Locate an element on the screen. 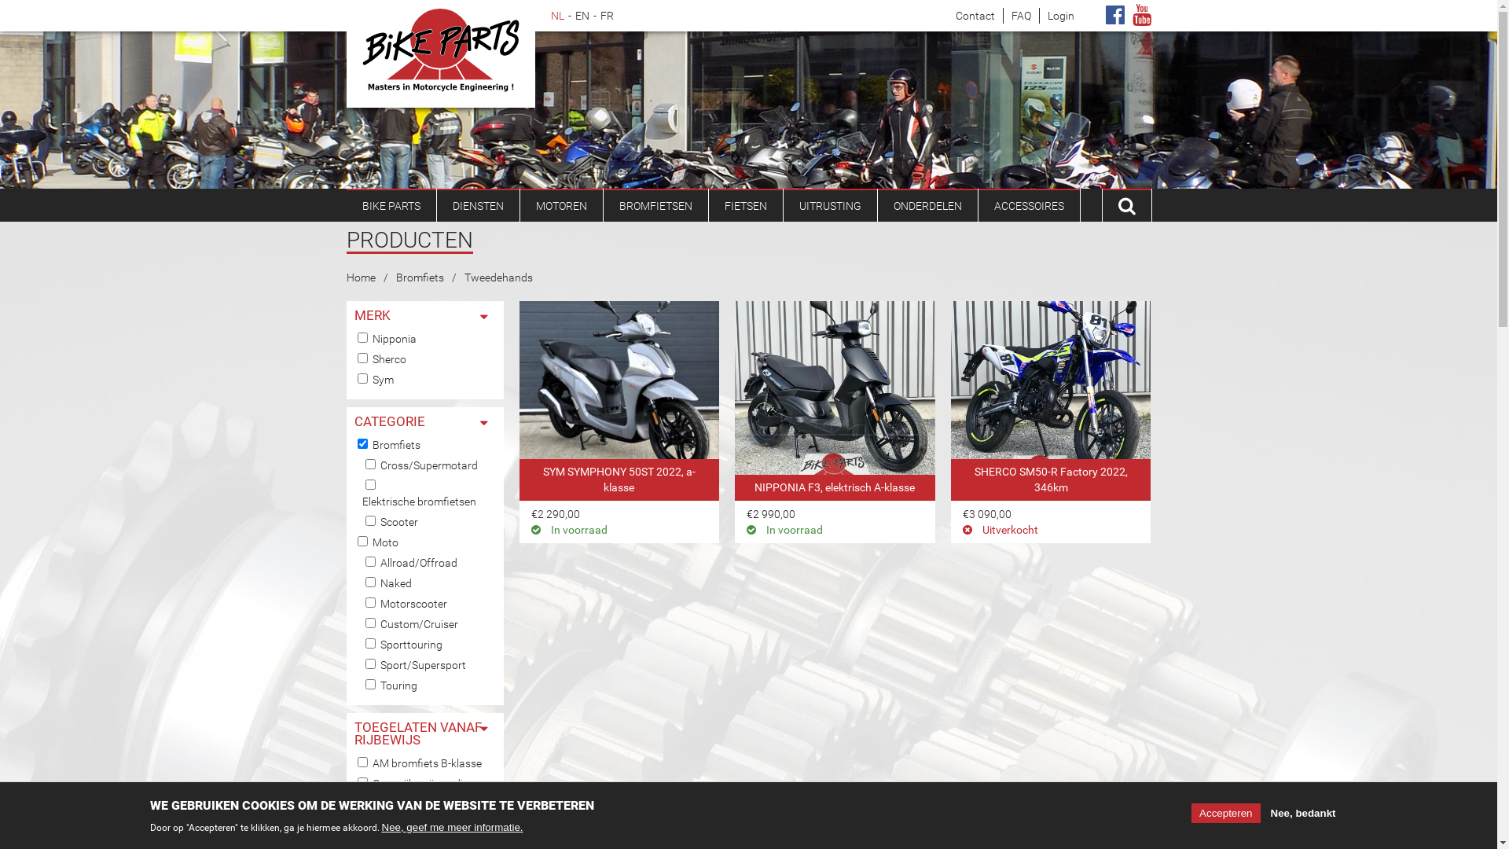 This screenshot has width=1509, height=849. 'BIKE PARTS' is located at coordinates (391, 204).